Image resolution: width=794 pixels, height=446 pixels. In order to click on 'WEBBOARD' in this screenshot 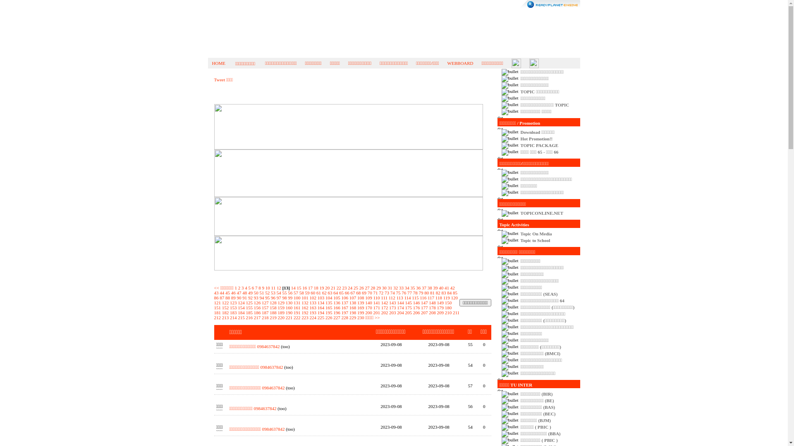, I will do `click(460, 63)`.